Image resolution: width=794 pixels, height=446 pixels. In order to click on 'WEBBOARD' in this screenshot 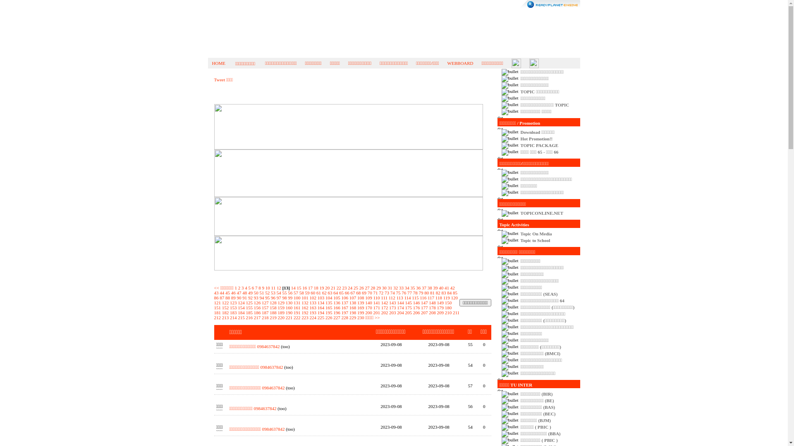, I will do `click(460, 63)`.